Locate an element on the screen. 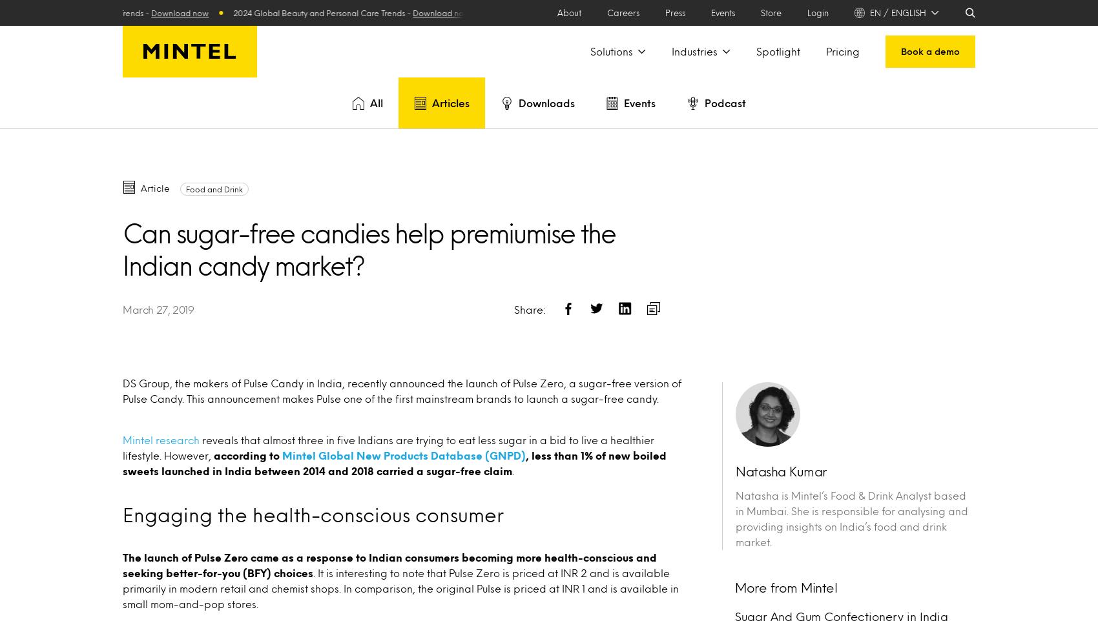 Image resolution: width=1098 pixels, height=621 pixels. 'November 16, 2023' is located at coordinates (158, 185).